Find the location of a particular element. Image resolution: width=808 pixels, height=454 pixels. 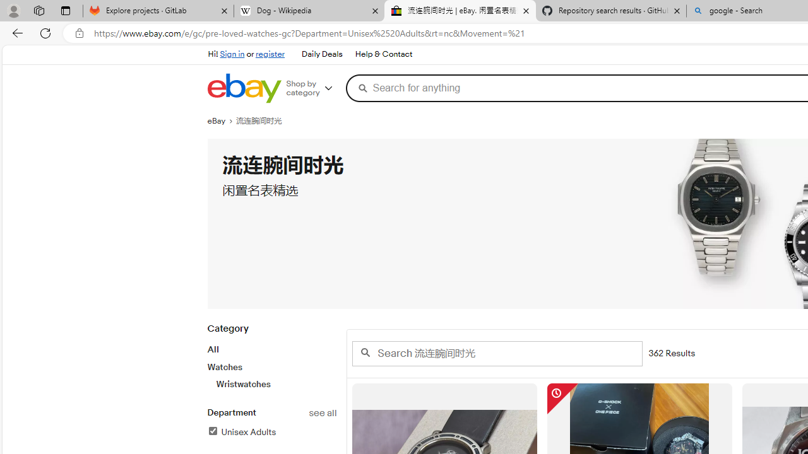

'Shop by category' is located at coordinates (314, 88).